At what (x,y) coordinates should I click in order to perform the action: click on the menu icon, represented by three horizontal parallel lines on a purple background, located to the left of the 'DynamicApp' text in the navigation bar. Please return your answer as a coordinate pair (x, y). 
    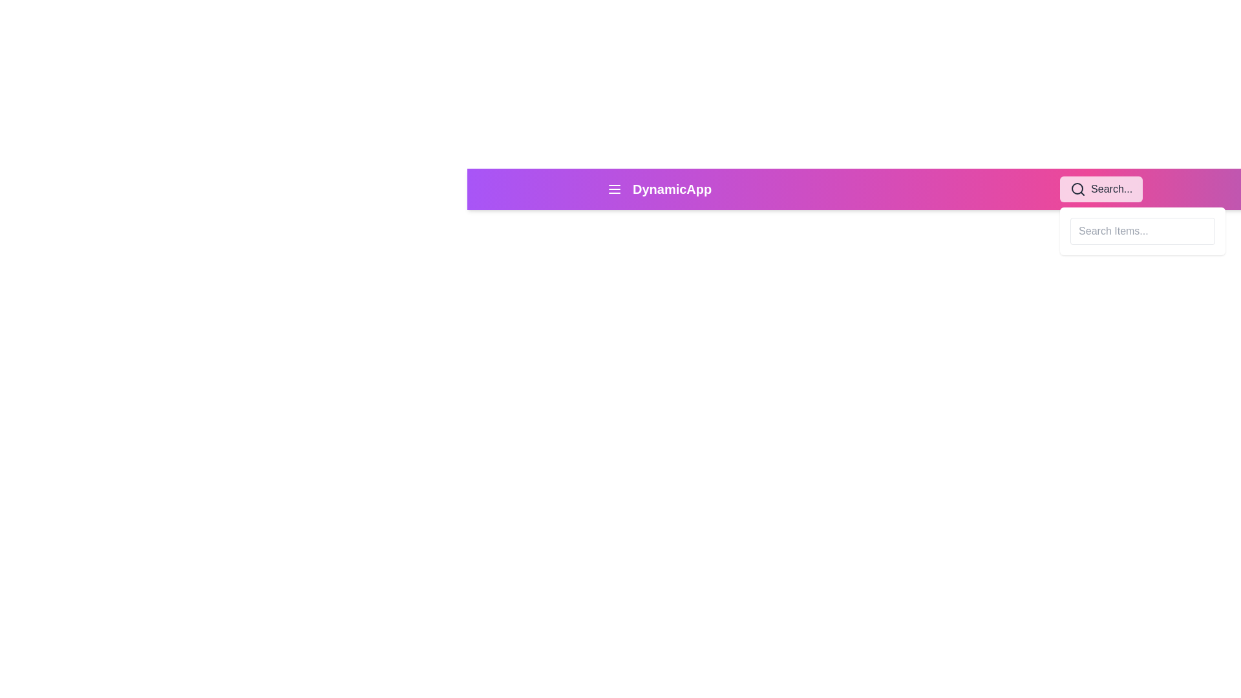
    Looking at the image, I should click on (613, 189).